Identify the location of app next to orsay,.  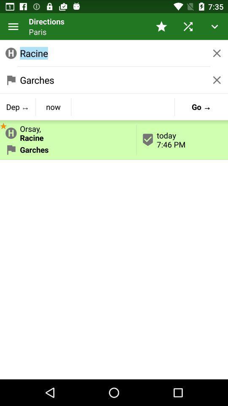
(201, 106).